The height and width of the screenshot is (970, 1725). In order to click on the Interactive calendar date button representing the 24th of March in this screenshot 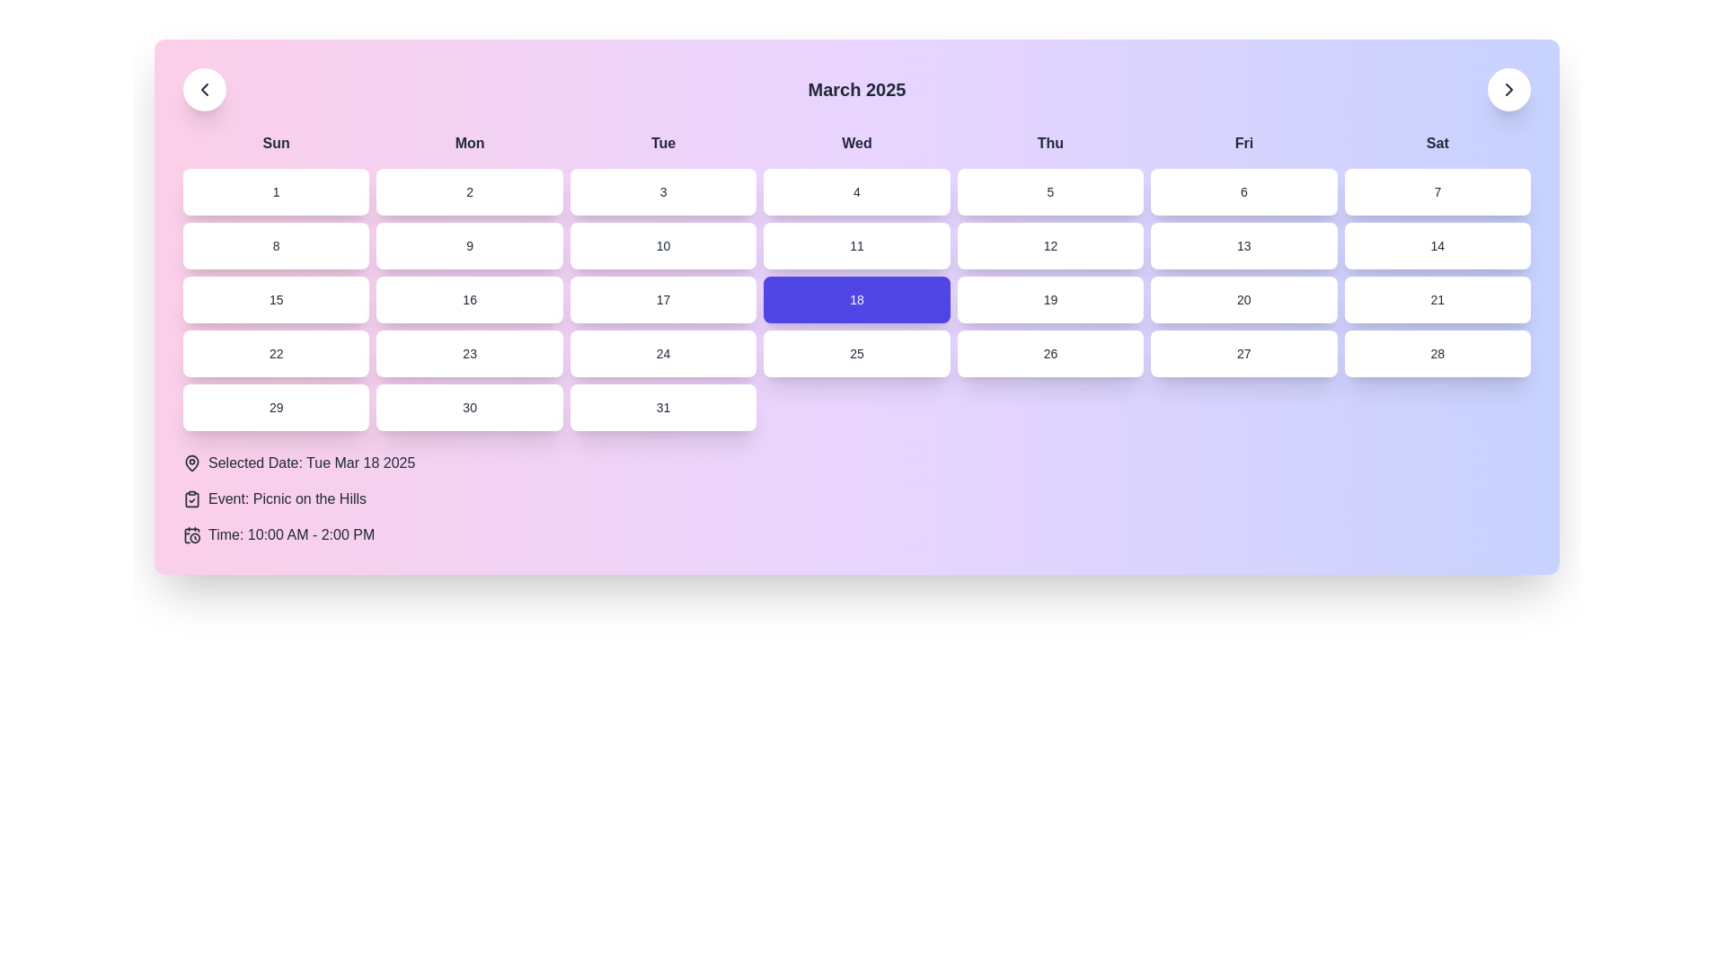, I will do `click(662, 353)`.